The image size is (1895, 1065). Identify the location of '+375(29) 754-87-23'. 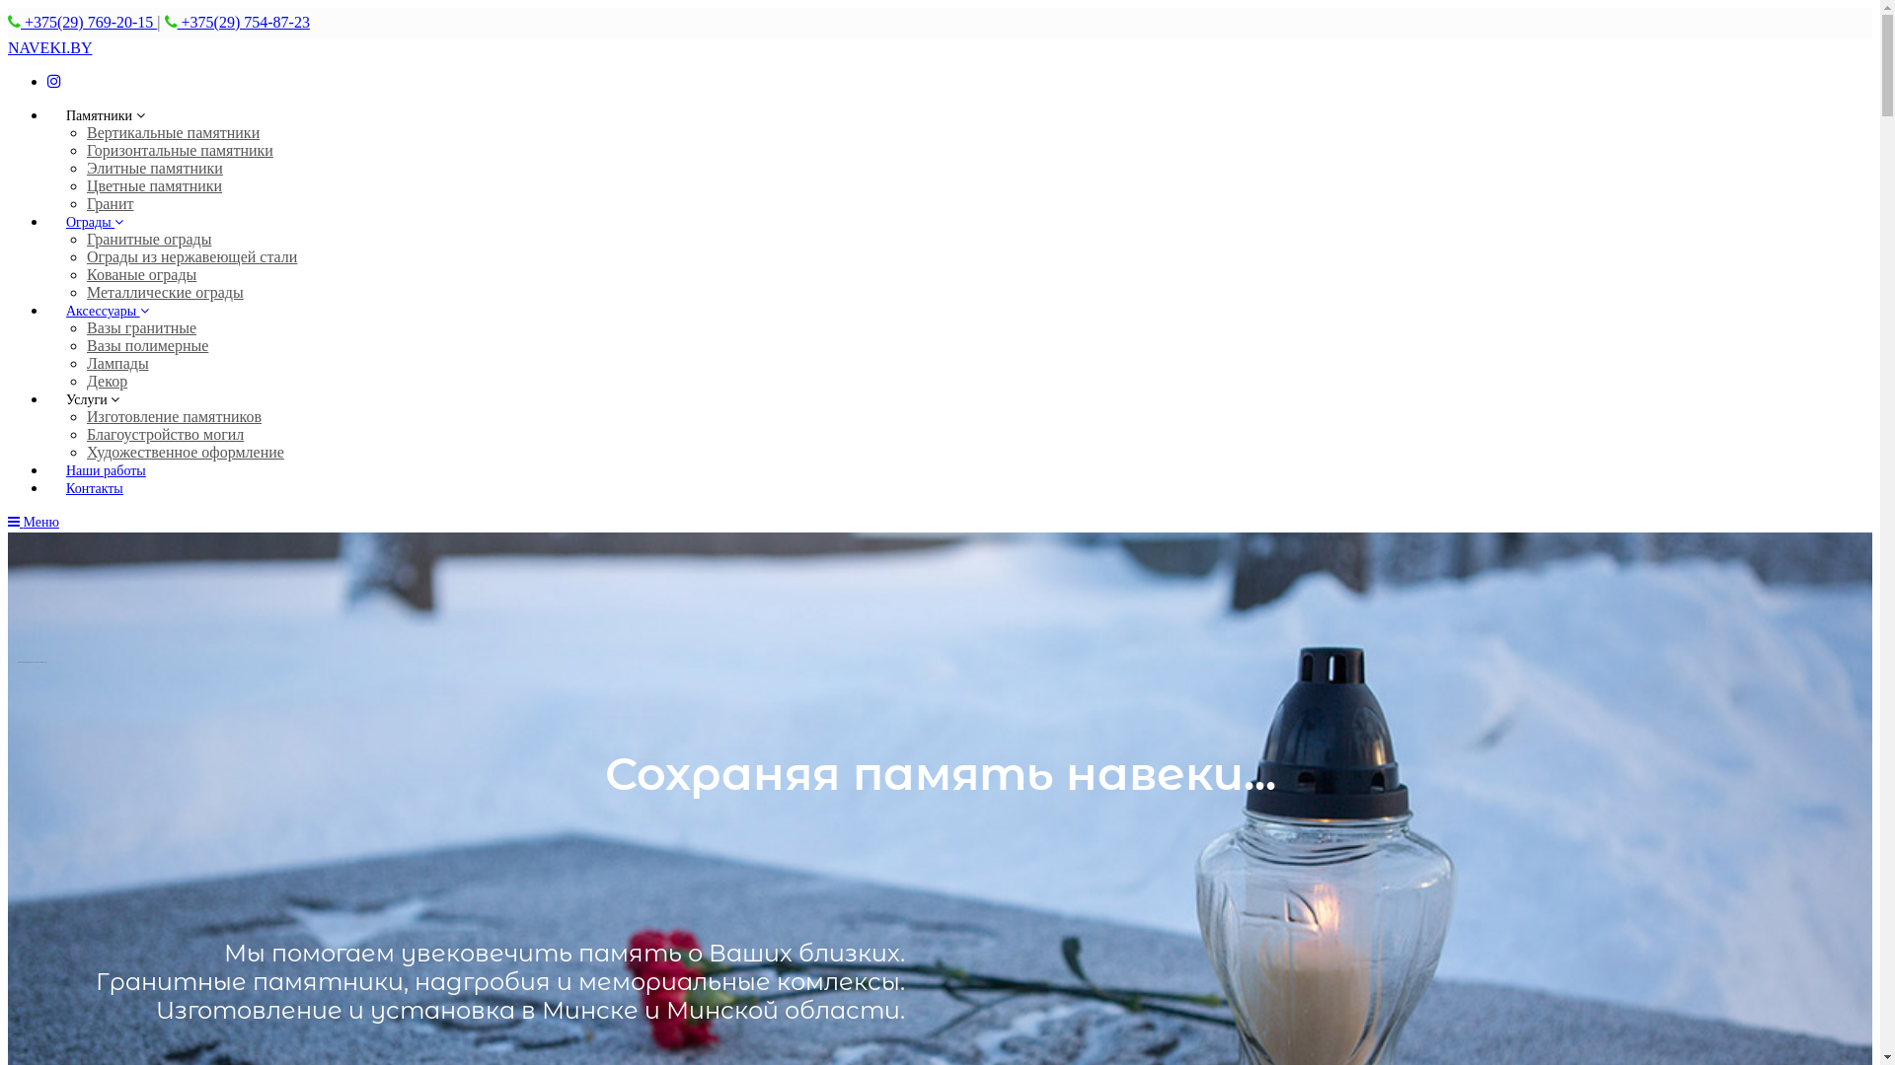
(178, 22).